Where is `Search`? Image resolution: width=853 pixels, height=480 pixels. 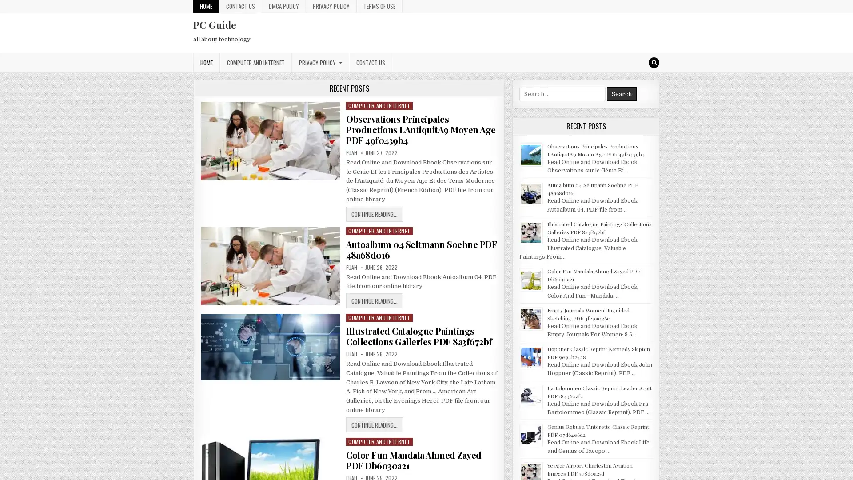
Search is located at coordinates (621, 94).